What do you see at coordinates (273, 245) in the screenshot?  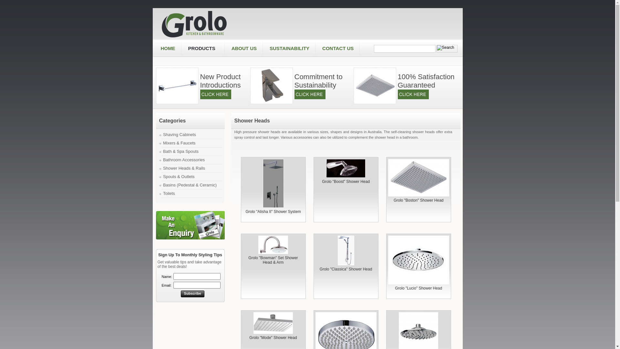 I see `'Grolo "Bowman" Set Shower Head & Arm'` at bounding box center [273, 245].